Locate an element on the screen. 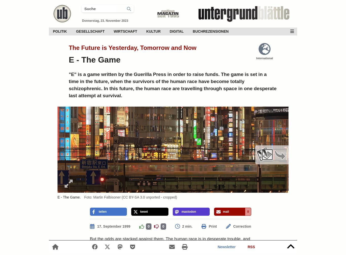 The image size is (346, 255). 'Print' is located at coordinates (212, 226).